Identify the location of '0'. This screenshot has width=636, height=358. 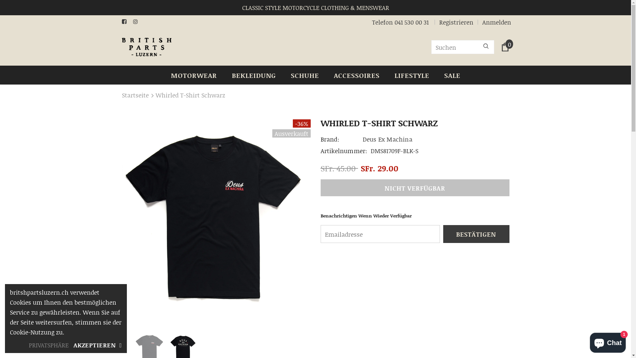
(501, 47).